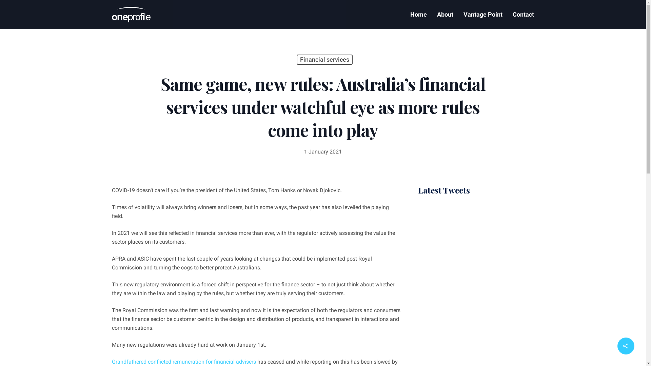  What do you see at coordinates (418, 204) in the screenshot?
I see `' '` at bounding box center [418, 204].